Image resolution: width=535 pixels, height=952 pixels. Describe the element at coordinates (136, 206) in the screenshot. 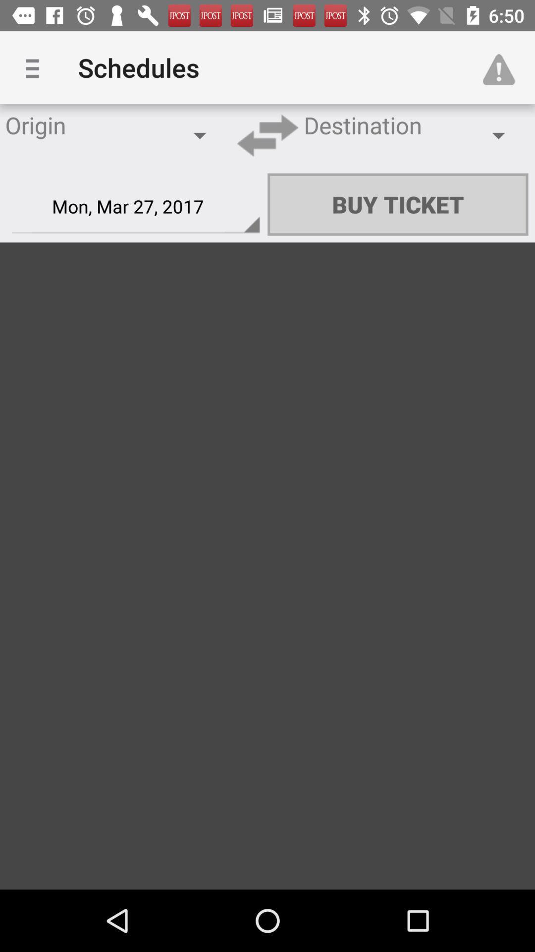

I see `the mon mar 27` at that location.